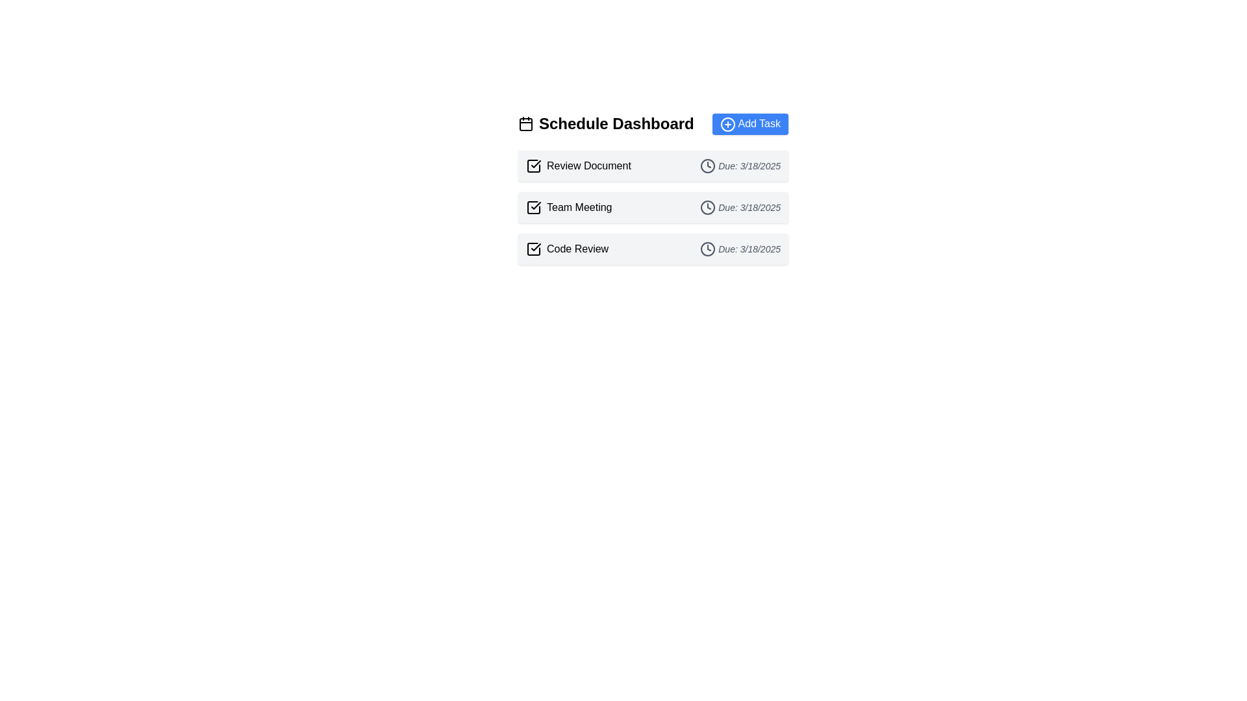  Describe the element at coordinates (727, 124) in the screenshot. I see `the SVG Circle that represents the 'Add Task' icon located in the top-right corner of the interface adjacent to the 'Schedule Dashboard' title` at that location.